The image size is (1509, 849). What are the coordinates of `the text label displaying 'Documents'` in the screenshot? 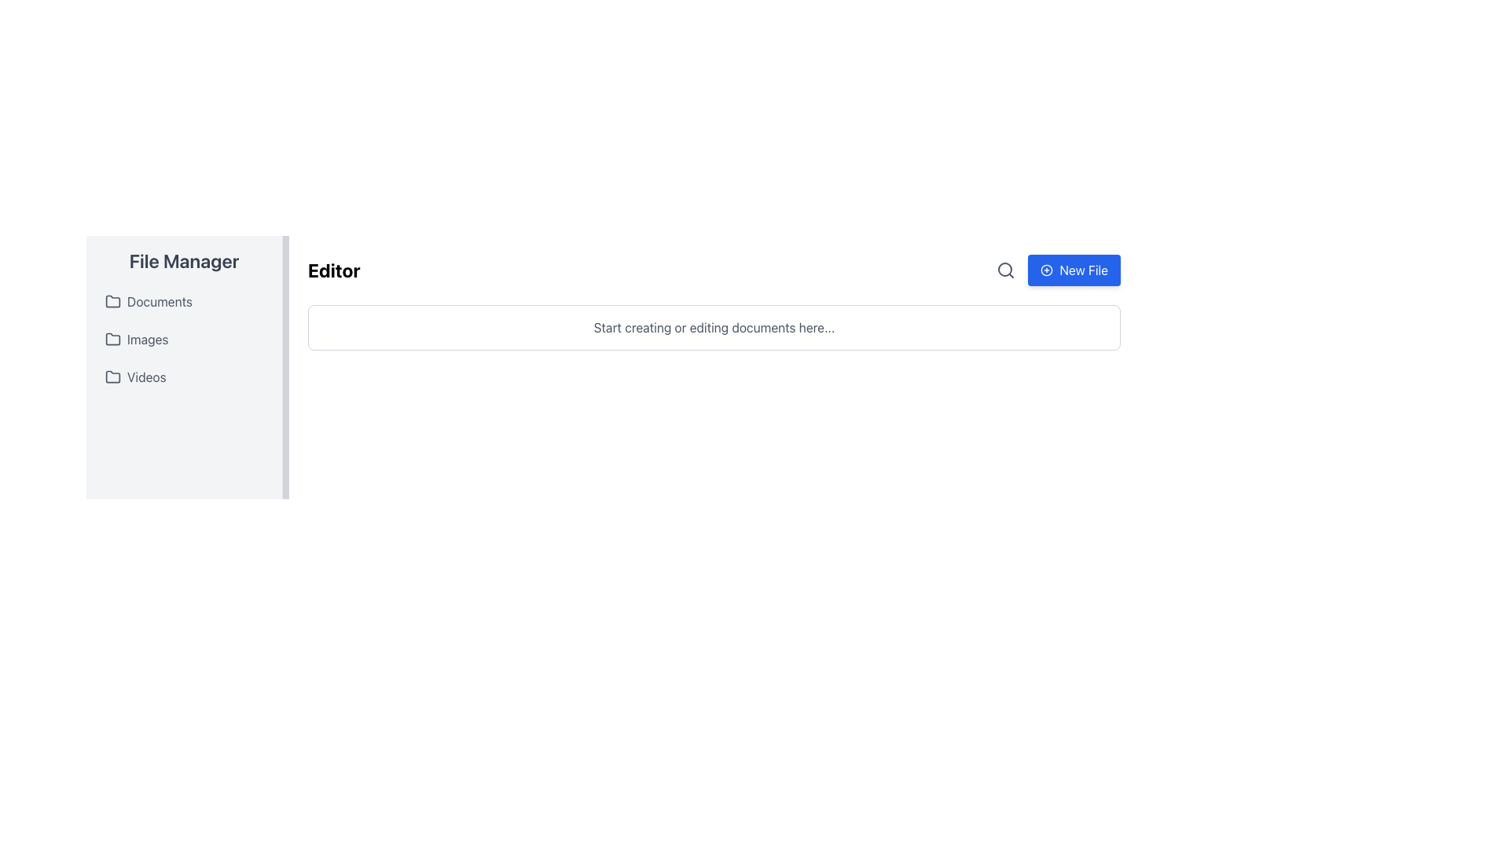 It's located at (160, 302).